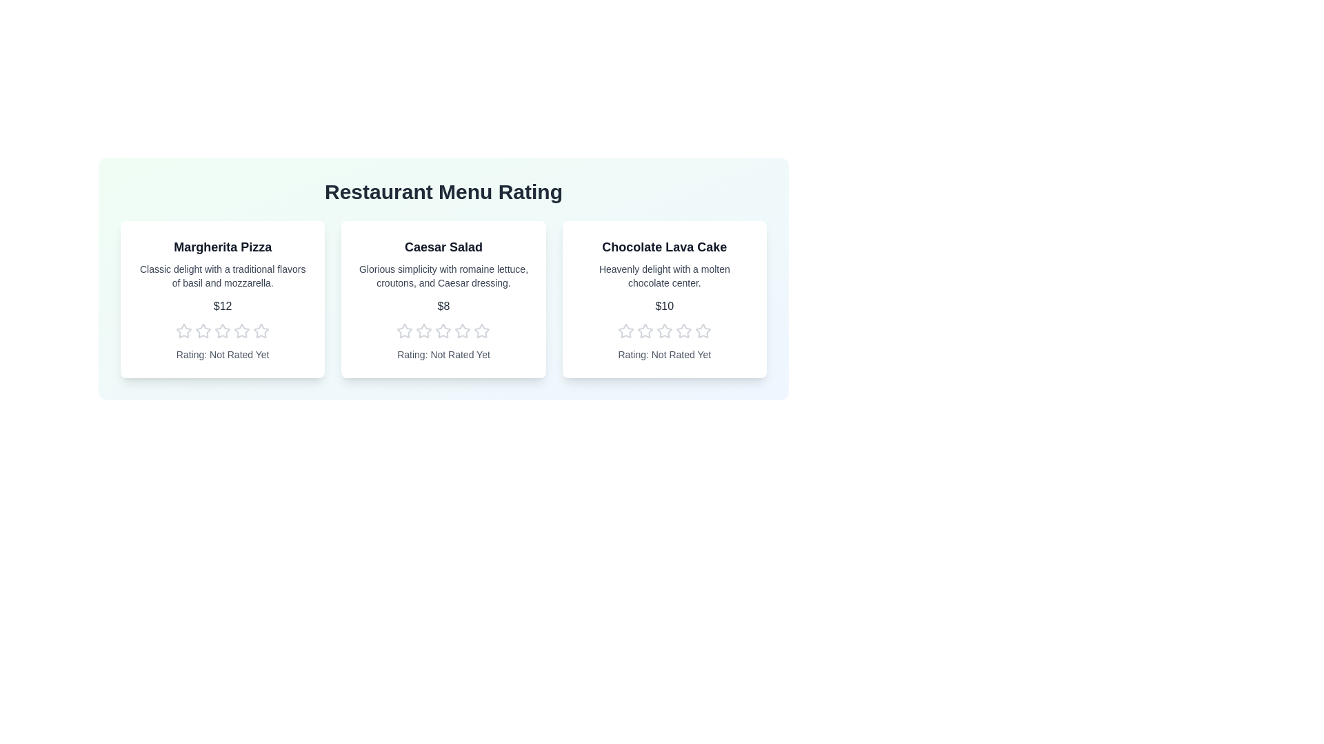  What do you see at coordinates (625, 331) in the screenshot?
I see `the star corresponding to the desired rating 1 for the menu item Chocolate Lava Cake` at bounding box center [625, 331].